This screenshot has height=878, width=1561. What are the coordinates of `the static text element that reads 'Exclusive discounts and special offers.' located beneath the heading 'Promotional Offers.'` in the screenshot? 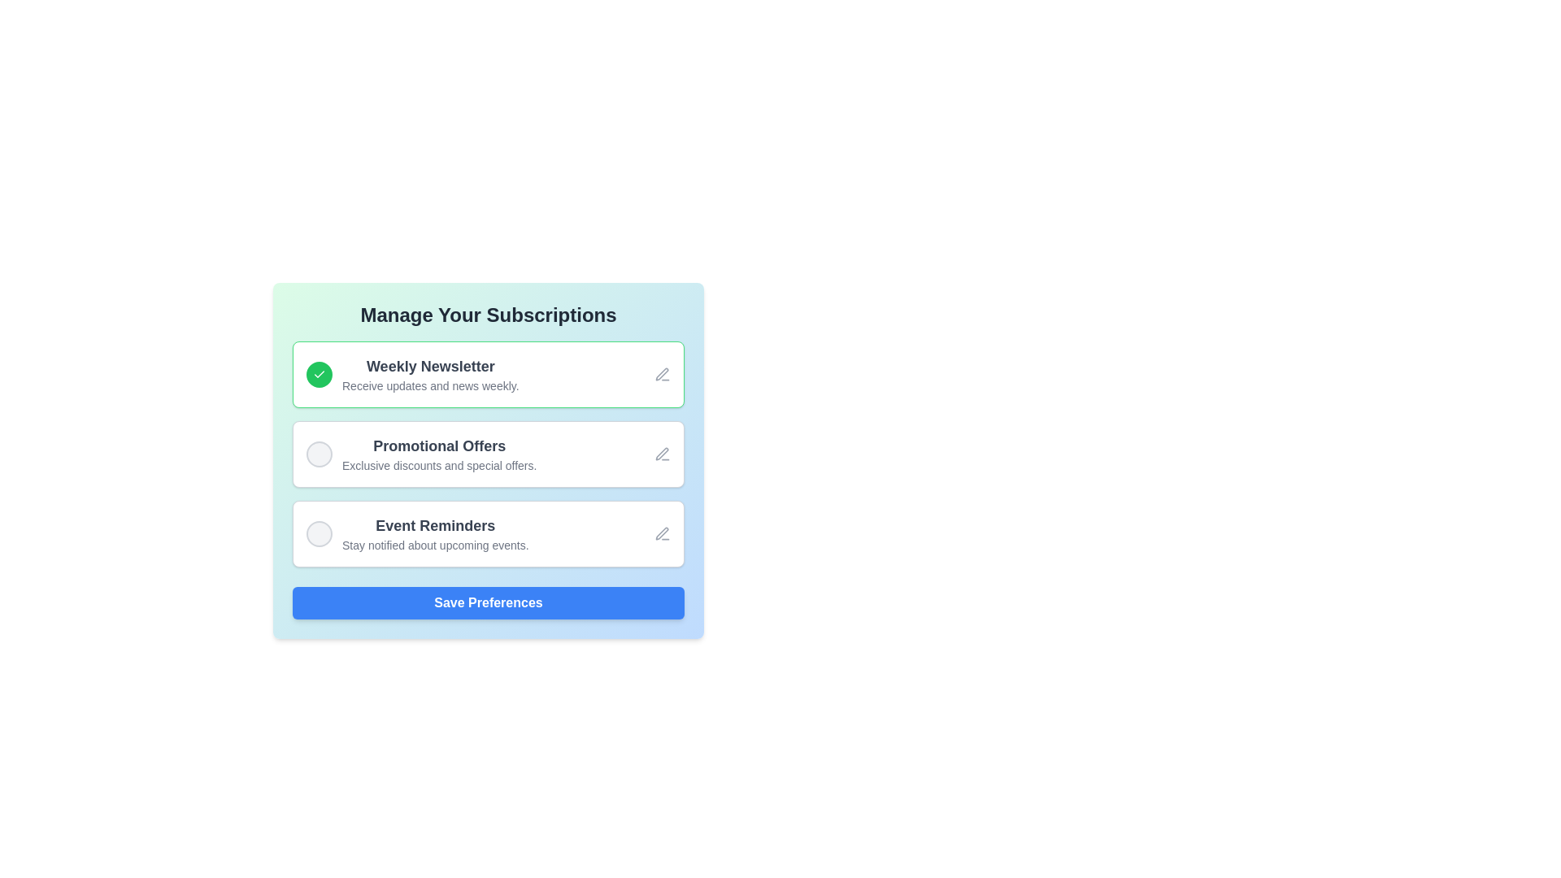 It's located at (439, 466).